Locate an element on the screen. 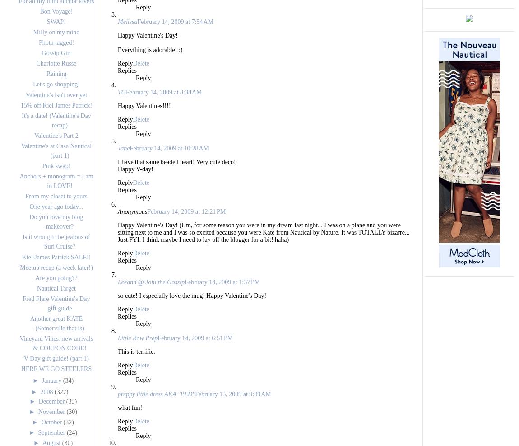  'Do you love my blog makeover?' is located at coordinates (56, 221).